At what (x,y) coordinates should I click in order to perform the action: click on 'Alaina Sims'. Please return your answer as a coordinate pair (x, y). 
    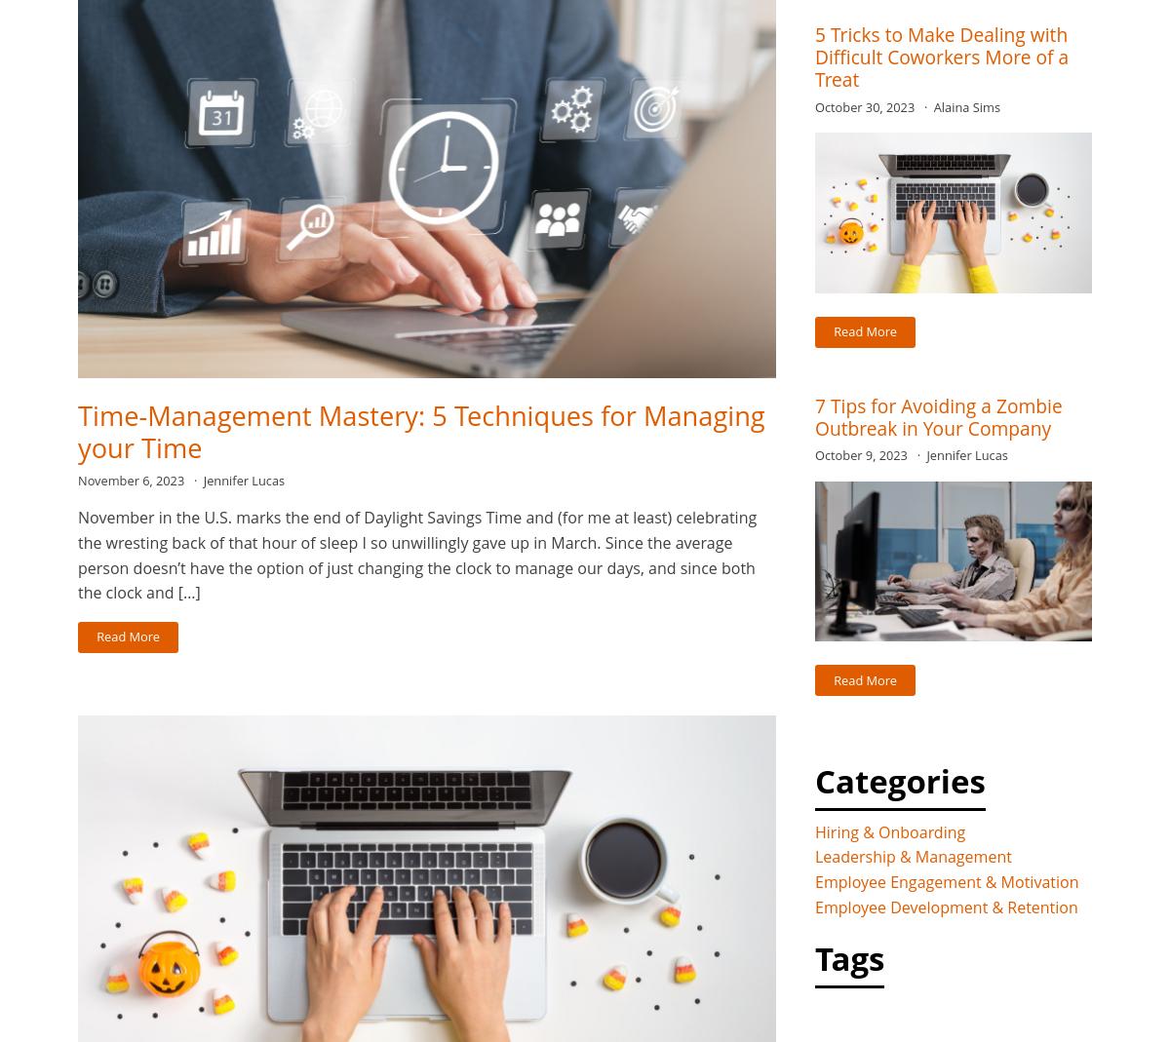
    Looking at the image, I should click on (966, 106).